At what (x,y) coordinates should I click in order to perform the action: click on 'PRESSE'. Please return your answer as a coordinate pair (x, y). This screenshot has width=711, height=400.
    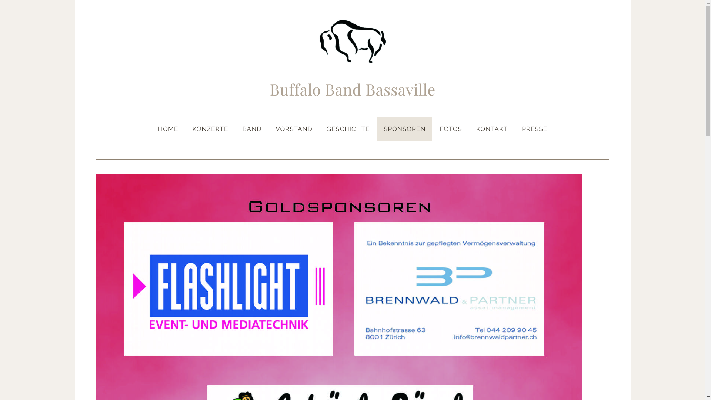
    Looking at the image, I should click on (515, 128).